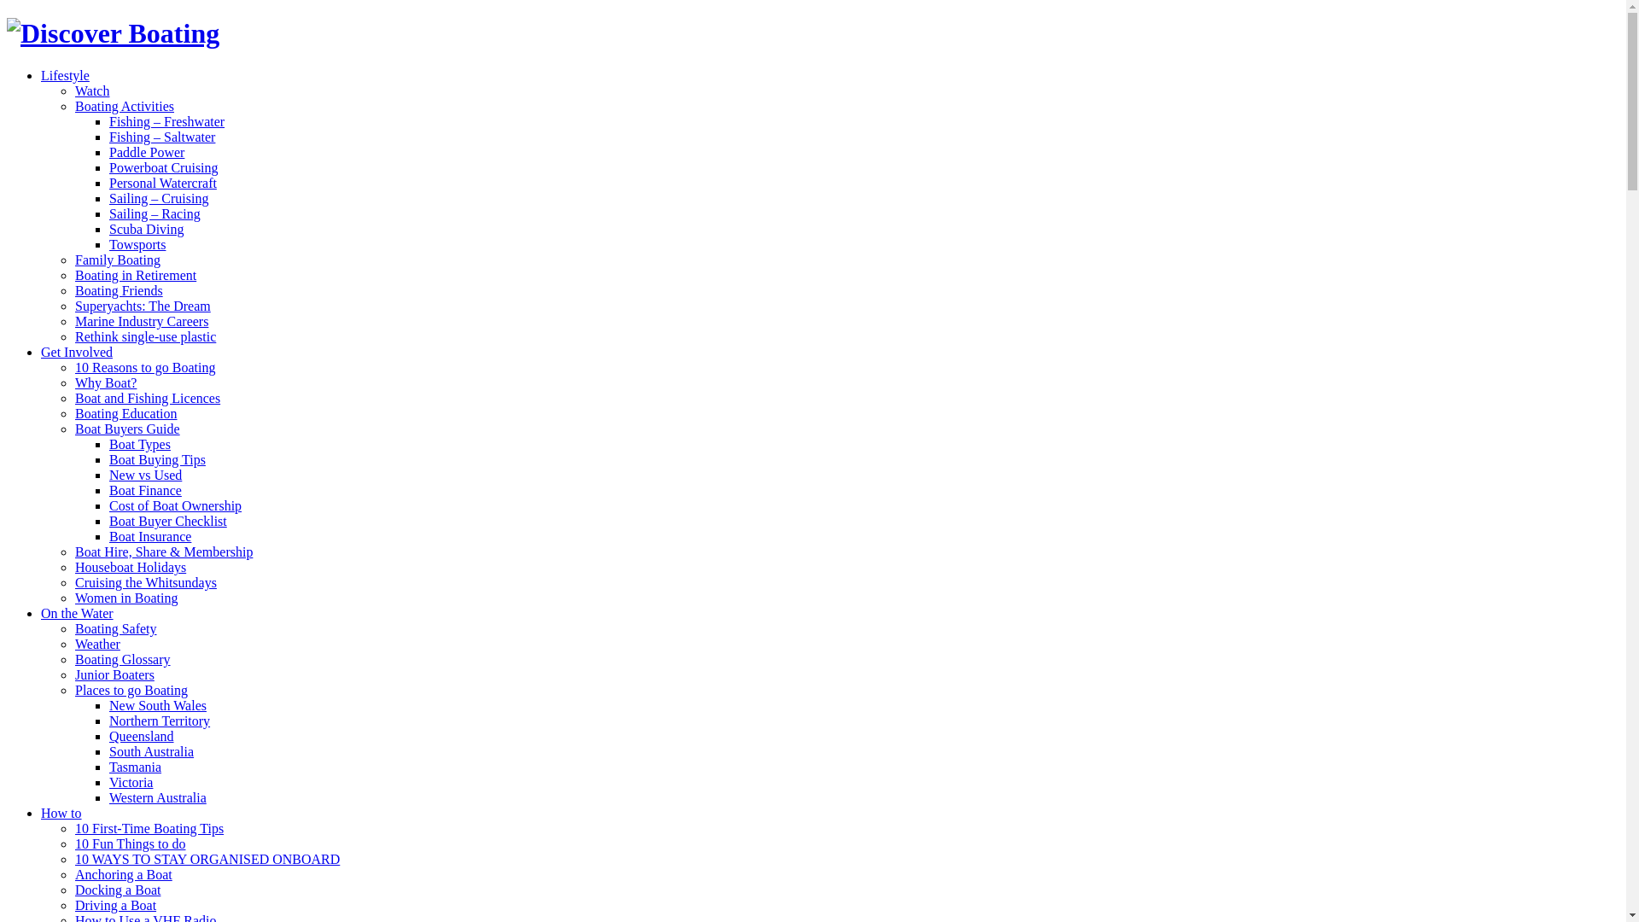  I want to click on 'South Australia', so click(151, 750).